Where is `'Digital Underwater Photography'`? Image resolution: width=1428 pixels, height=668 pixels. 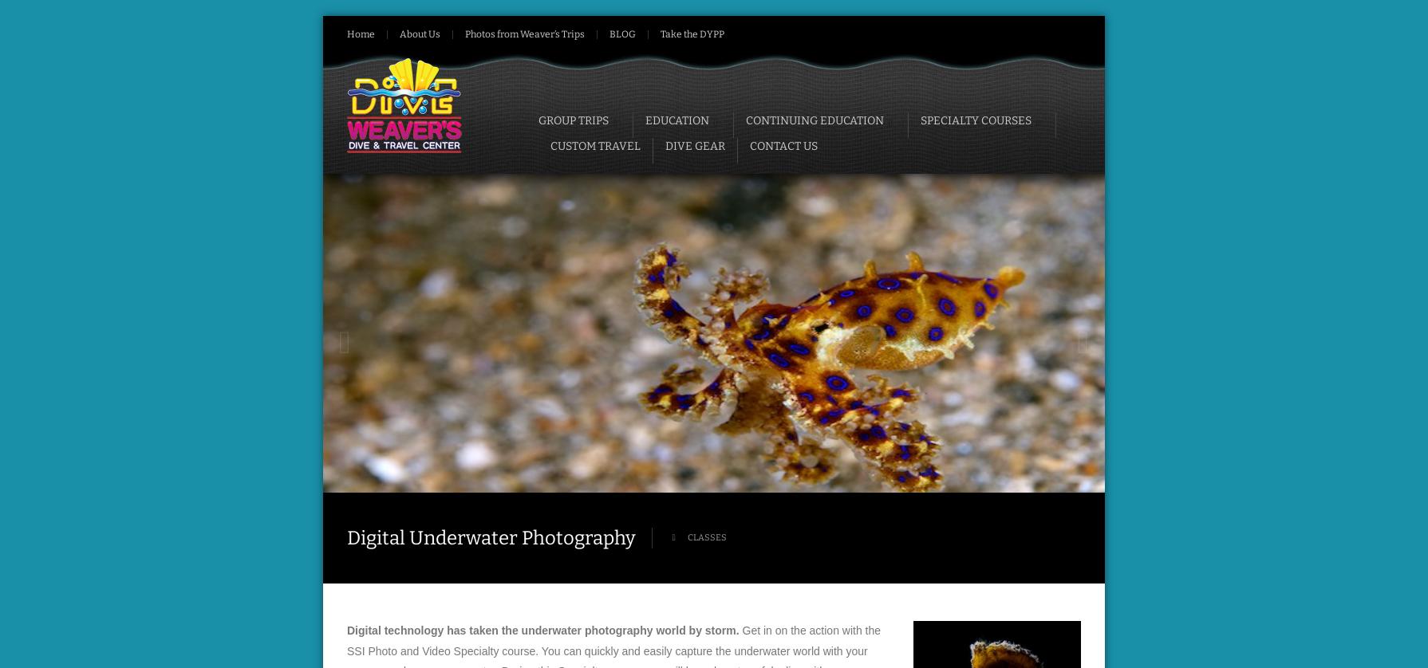
'Digital Underwater Photography' is located at coordinates (490, 537).